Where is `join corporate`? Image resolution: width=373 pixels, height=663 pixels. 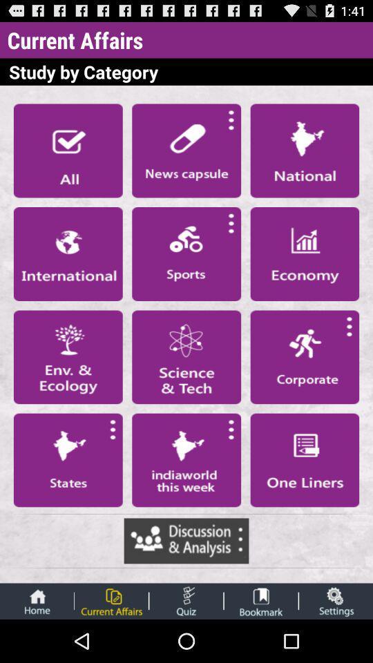
join corporate is located at coordinates (305, 356).